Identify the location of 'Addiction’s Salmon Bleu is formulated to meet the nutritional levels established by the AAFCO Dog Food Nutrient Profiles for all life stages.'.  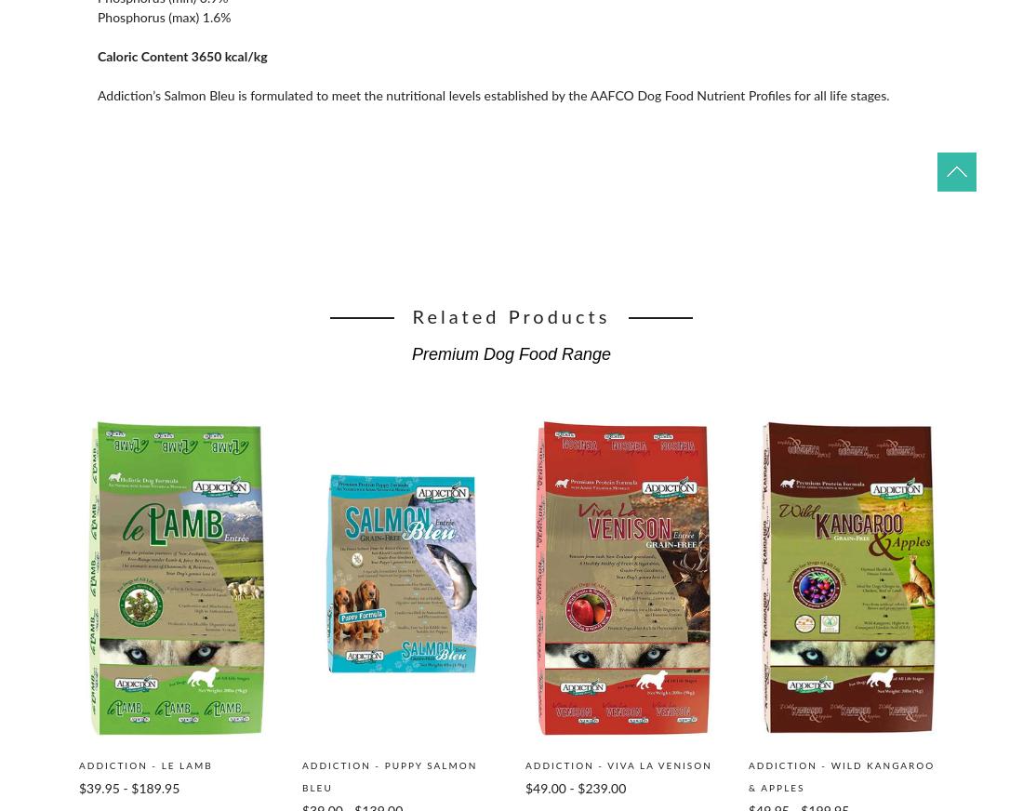
(493, 96).